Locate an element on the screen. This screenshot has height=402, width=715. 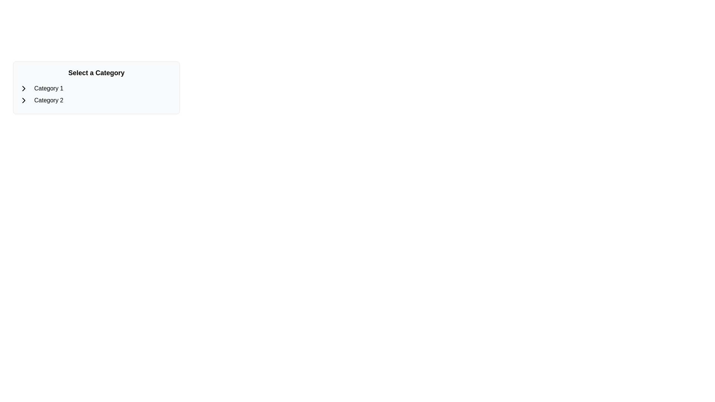
the button located at the far left of the 'Category 2' entry is located at coordinates (23, 100).